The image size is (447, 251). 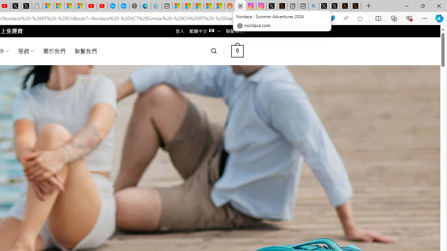 What do you see at coordinates (240, 6) in the screenshot?
I see `'Close tab'` at bounding box center [240, 6].